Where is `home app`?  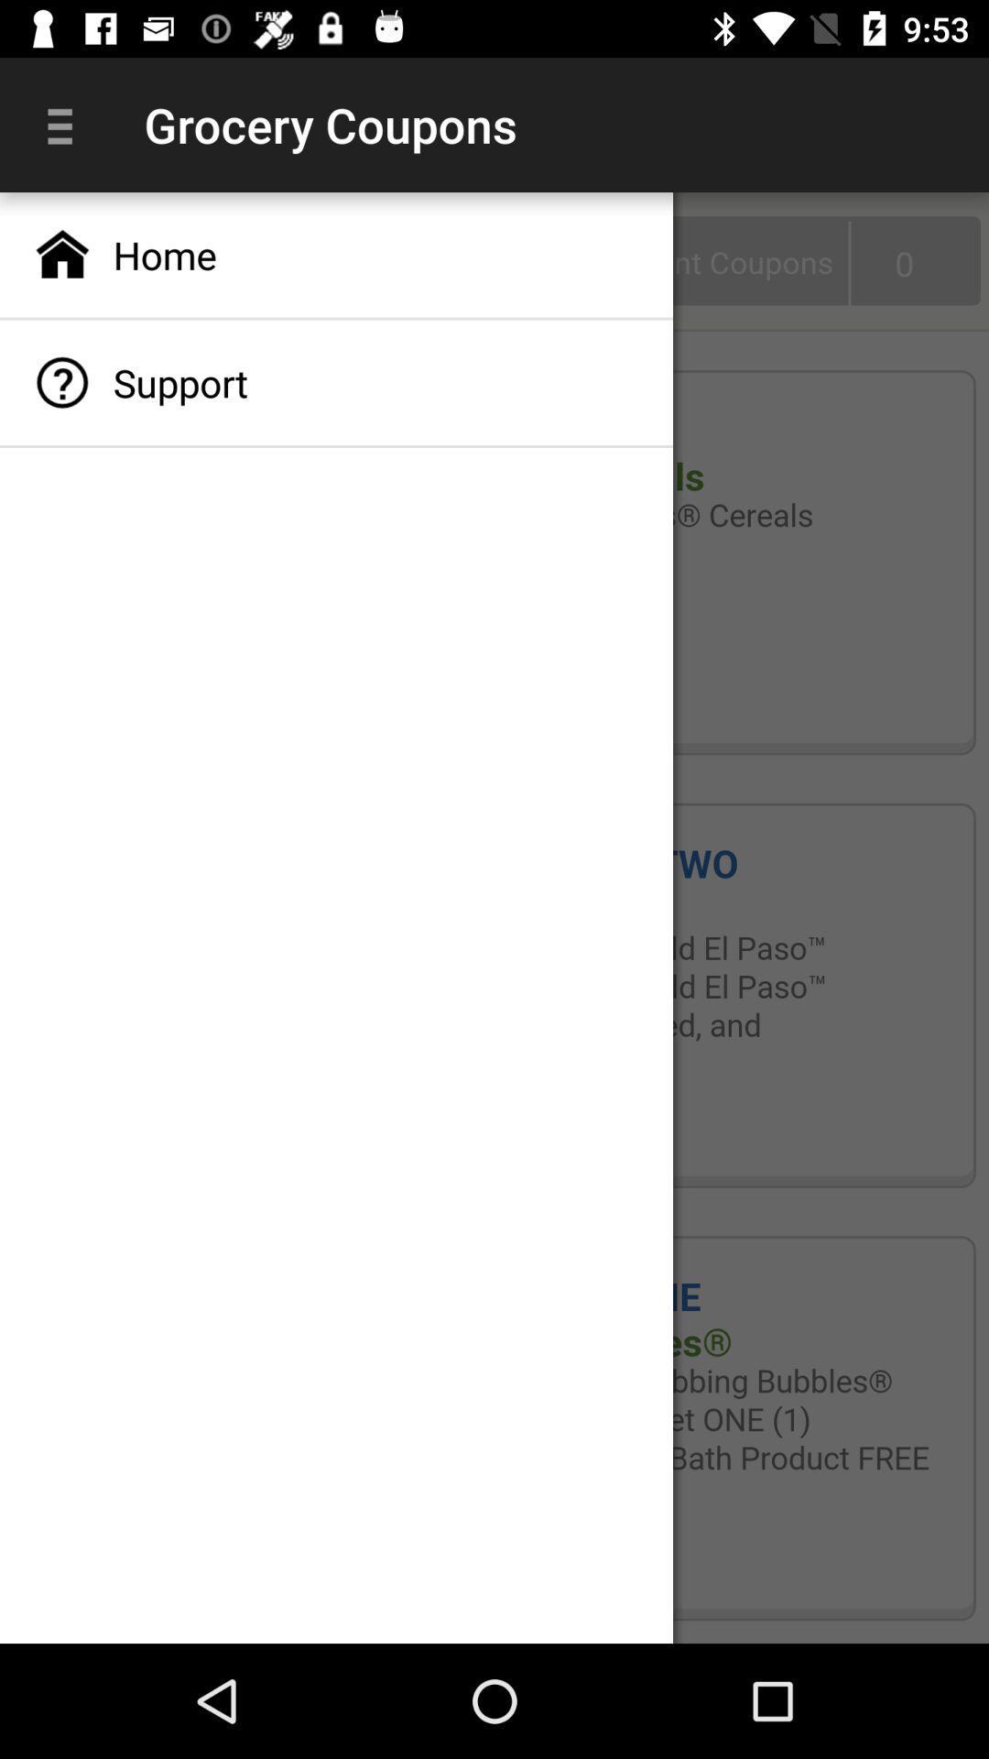 home app is located at coordinates (336, 254).